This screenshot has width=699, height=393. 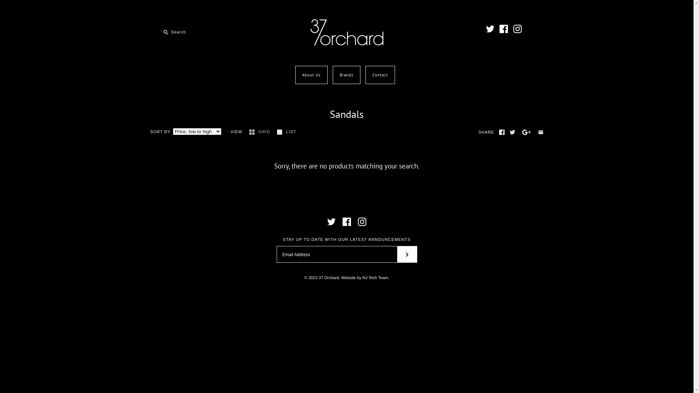 I want to click on 'Facebook', so click(x=503, y=28).